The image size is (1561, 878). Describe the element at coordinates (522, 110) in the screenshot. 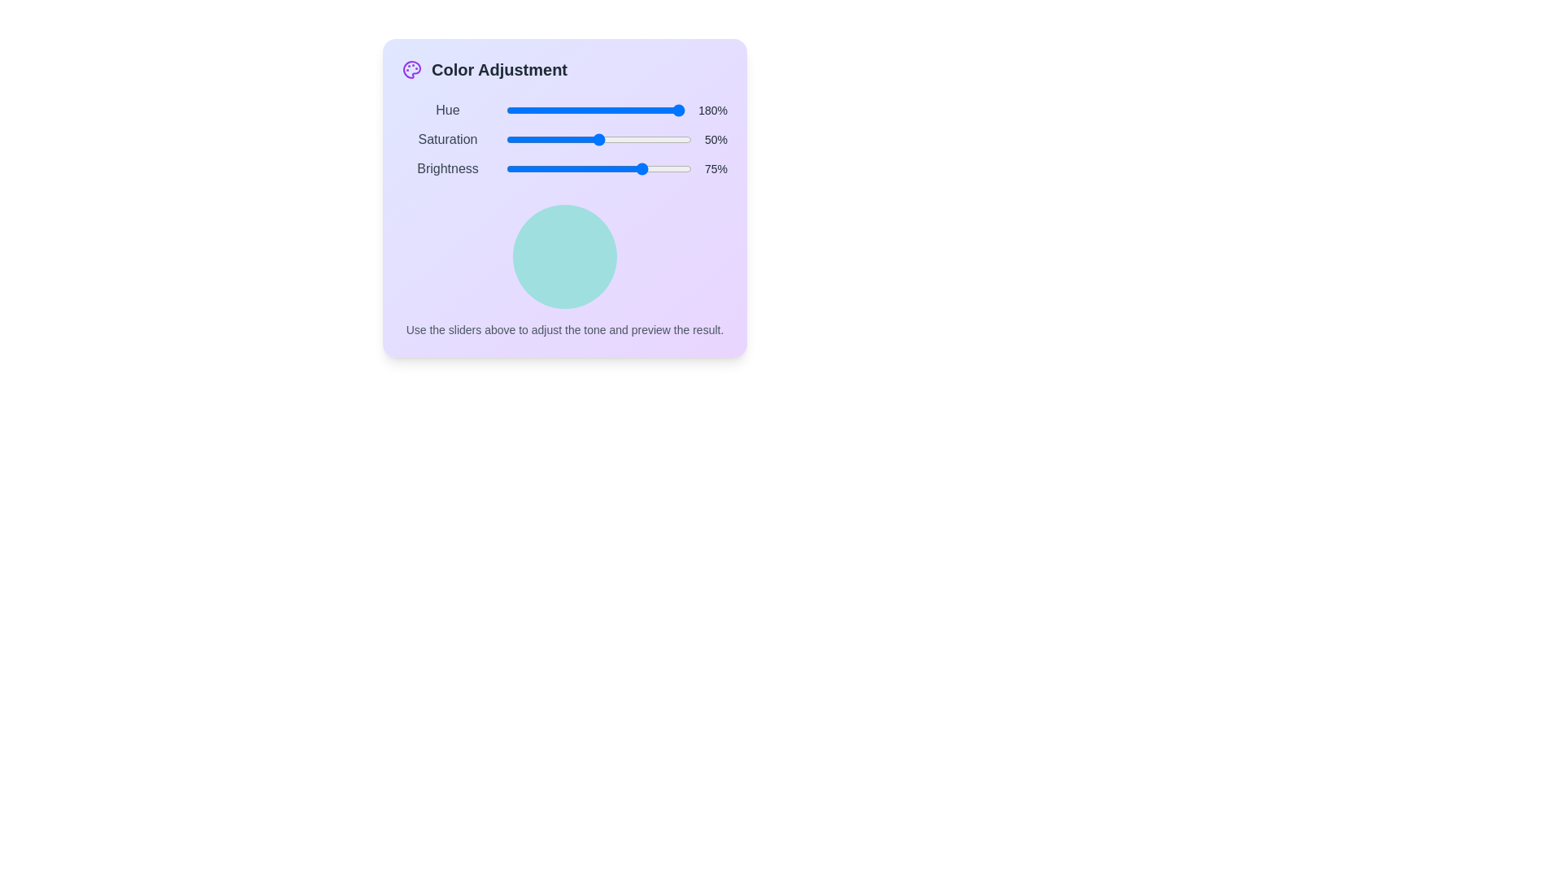

I see `the 0 slider to 9% to observe the resulting color in the preview circle` at that location.